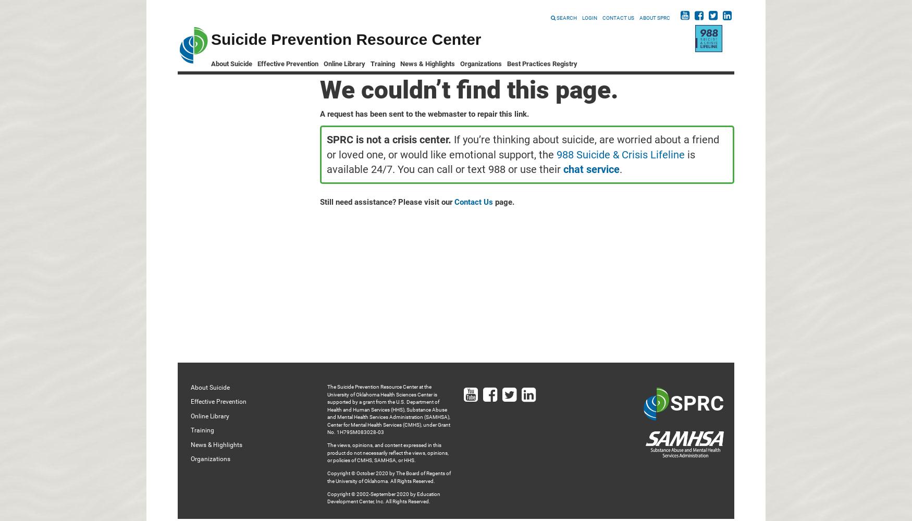  Describe the element at coordinates (320, 90) in the screenshot. I see `'We couldn’t find this page.'` at that location.